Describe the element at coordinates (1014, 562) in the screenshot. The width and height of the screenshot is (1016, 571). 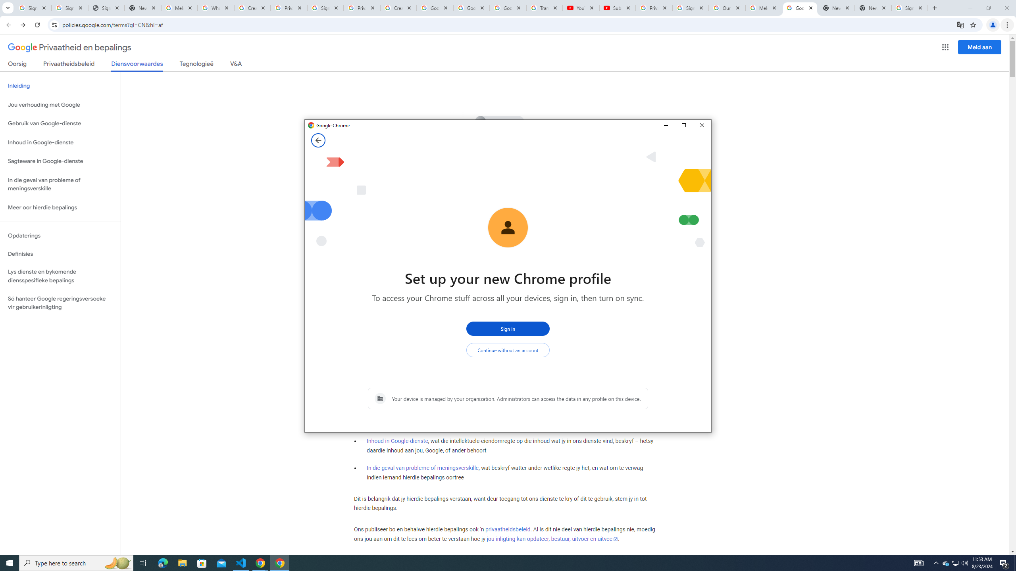
I see `'Show desktop'` at that location.